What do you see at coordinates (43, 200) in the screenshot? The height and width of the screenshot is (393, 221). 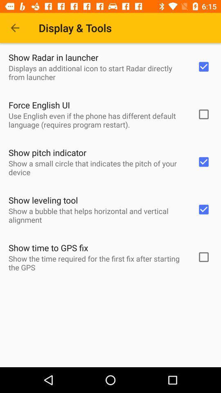 I see `show leveling tool item` at bounding box center [43, 200].